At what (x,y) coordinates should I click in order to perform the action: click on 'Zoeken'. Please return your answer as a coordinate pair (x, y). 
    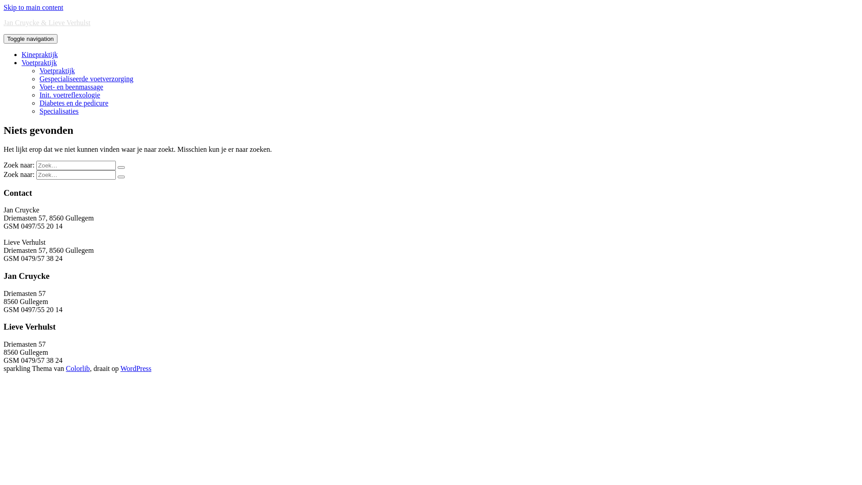
    Looking at the image, I should click on (120, 168).